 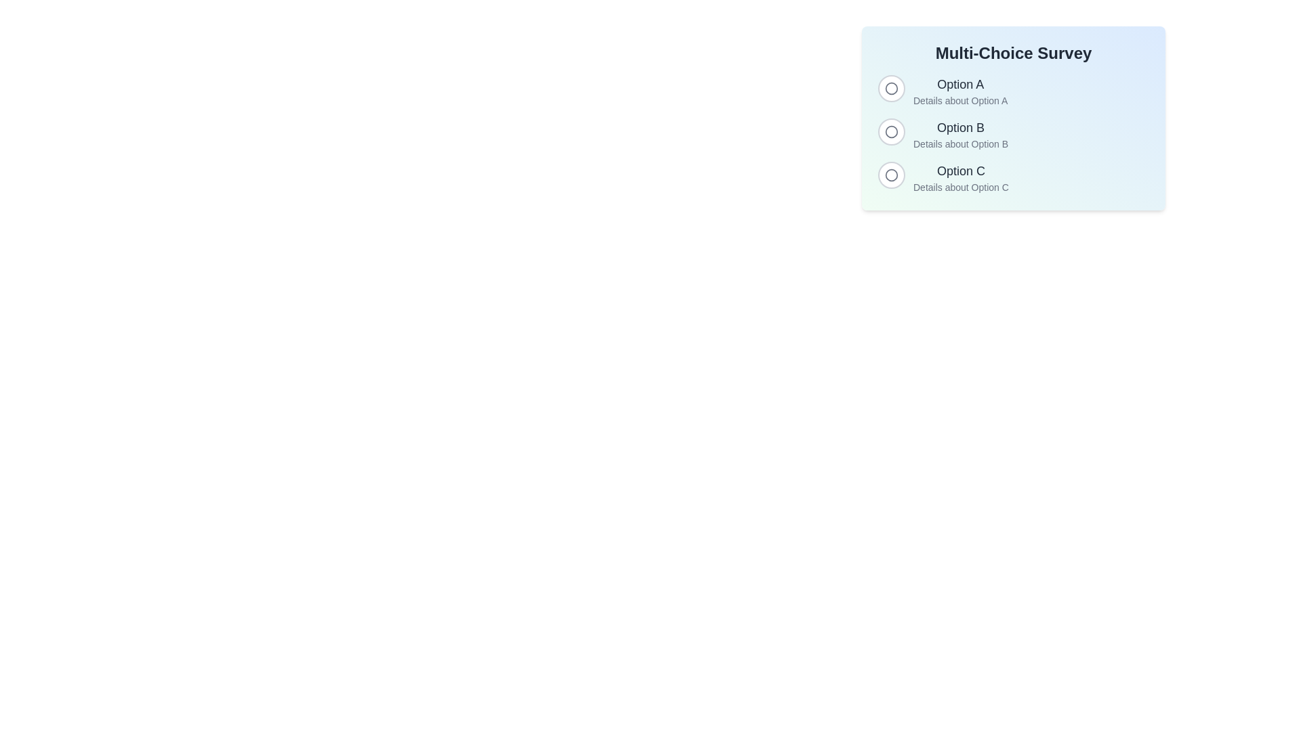 I want to click on the Radio Button for 'Option B', so click(x=891, y=132).